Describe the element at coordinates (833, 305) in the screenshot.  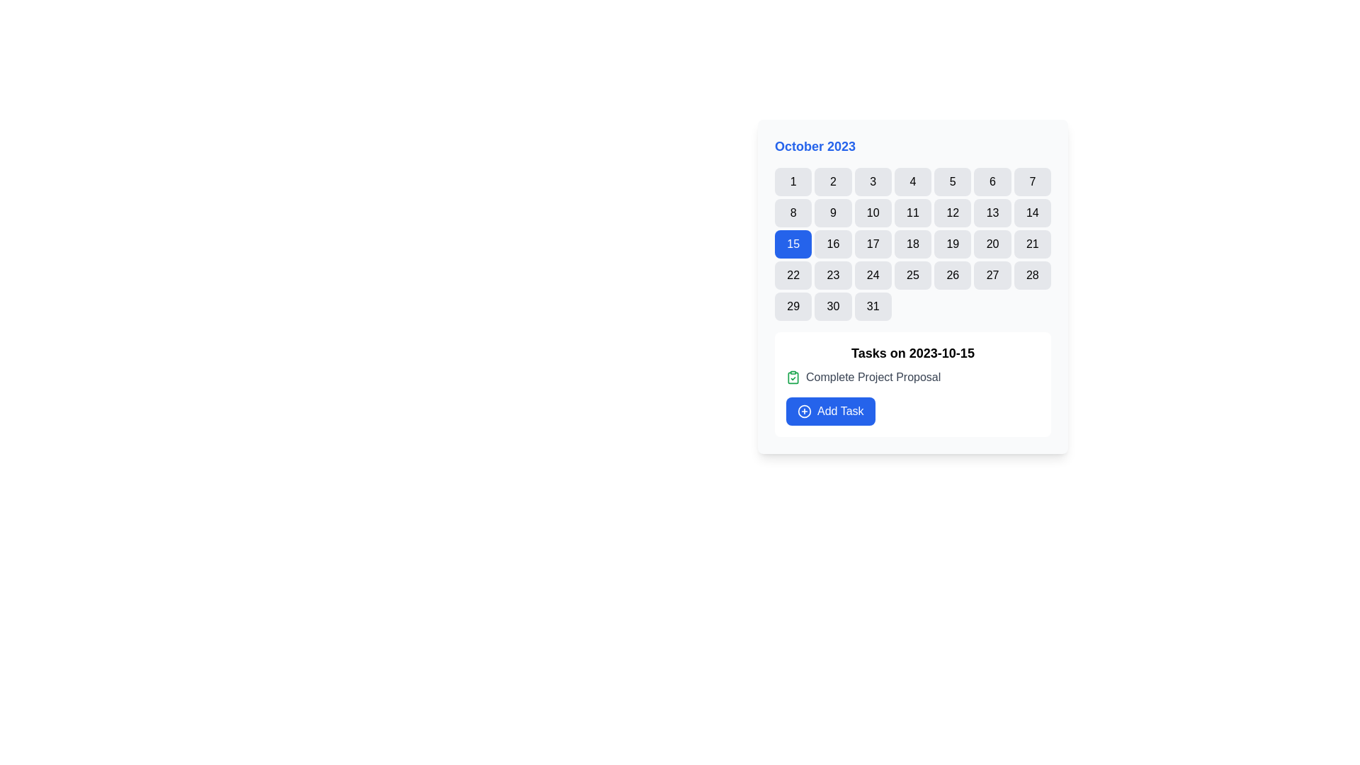
I see `the clickable button for calendar date selection, which is the second-to-last item in the bottom row of a 7-column grid layout, intended for selecting the 30th day of the month` at that location.